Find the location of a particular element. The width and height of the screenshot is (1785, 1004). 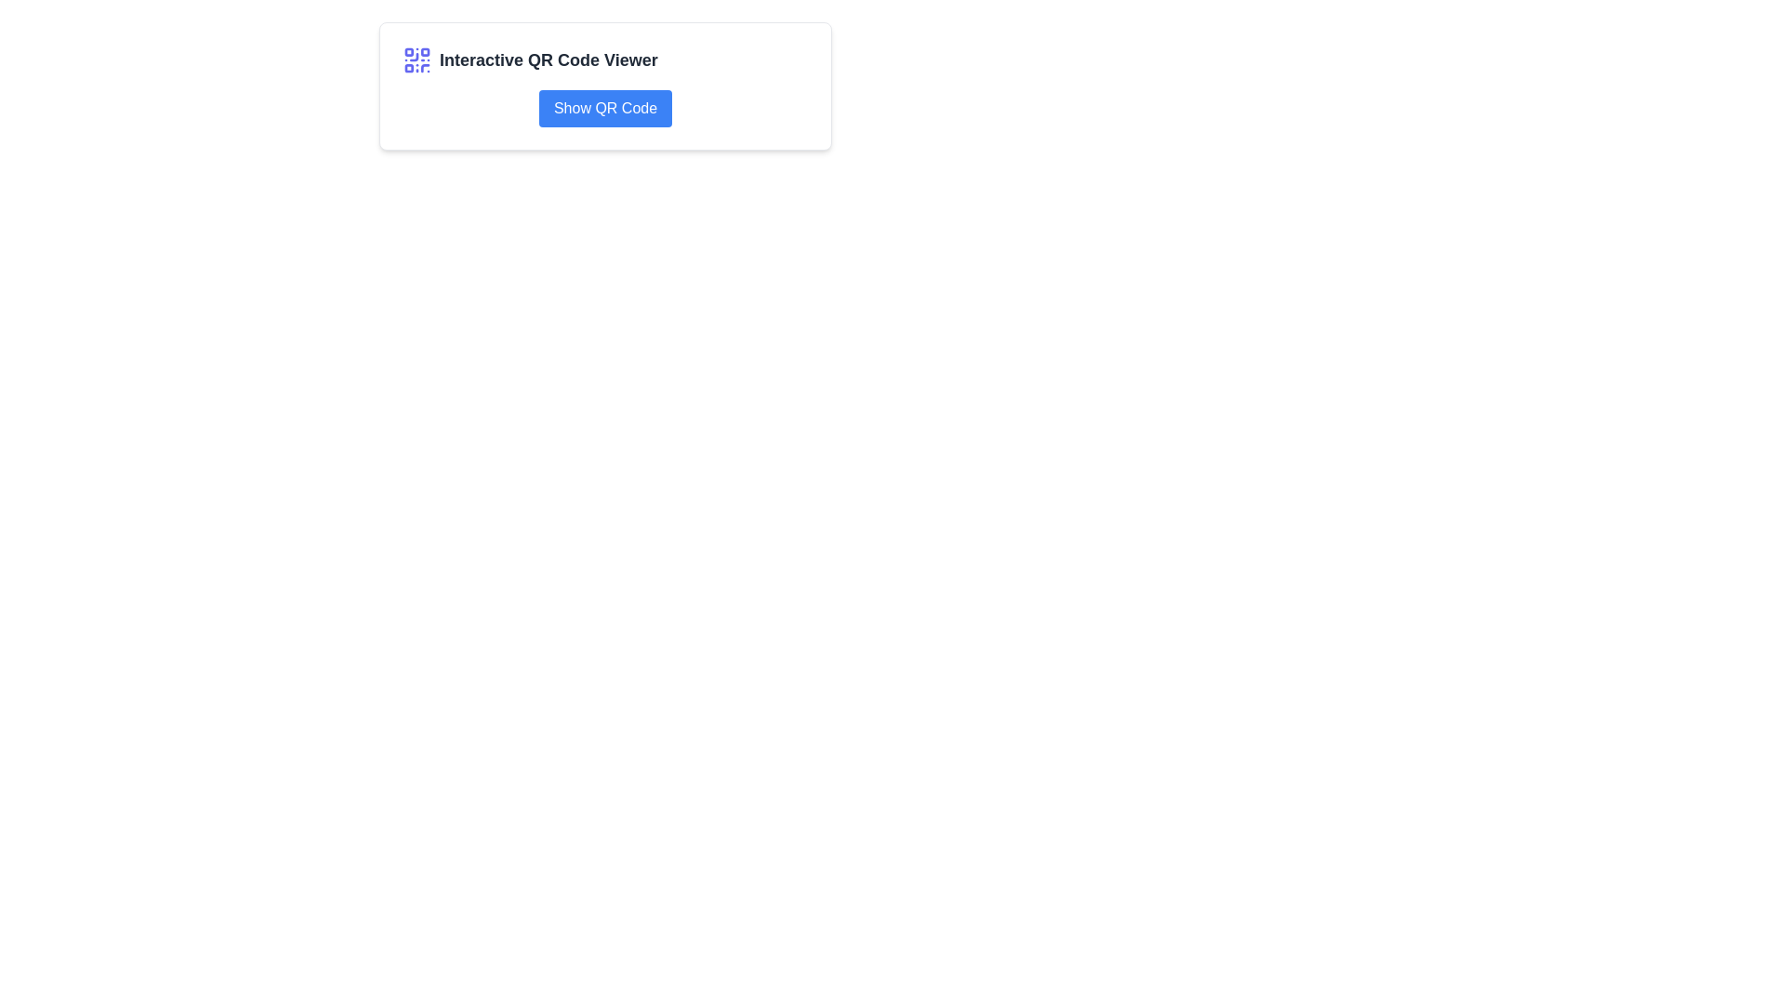

the QR code icon located to the left of the 'Interactive QR Code Viewer' text by clicking on it is located at coordinates (416, 59).